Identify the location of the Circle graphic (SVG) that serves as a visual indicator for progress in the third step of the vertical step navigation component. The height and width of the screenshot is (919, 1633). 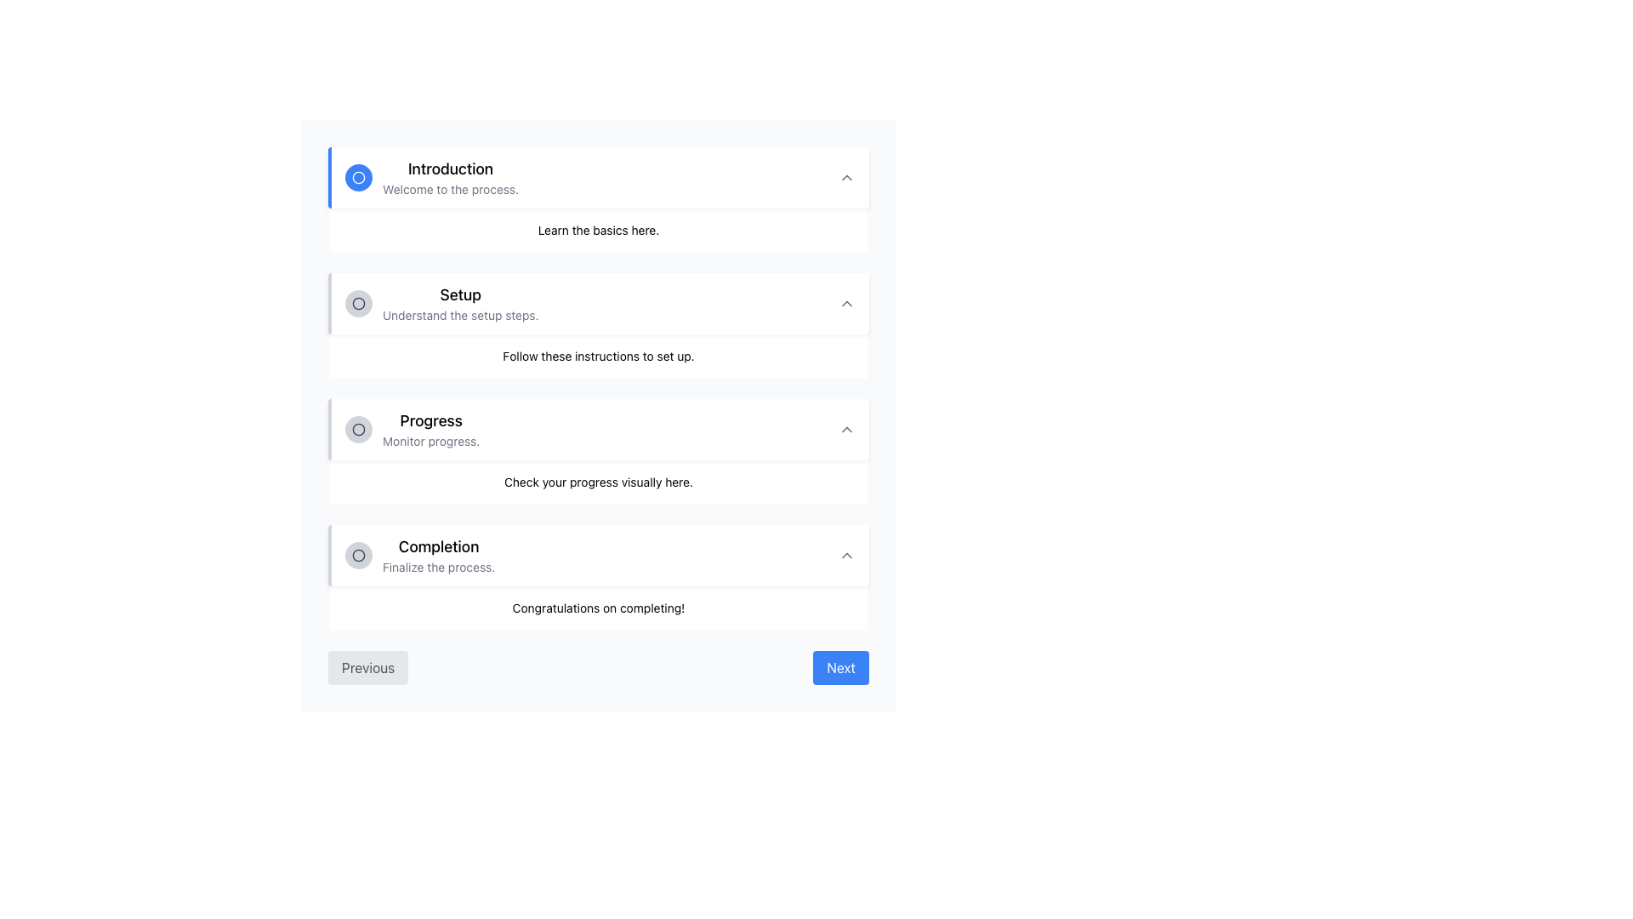
(358, 429).